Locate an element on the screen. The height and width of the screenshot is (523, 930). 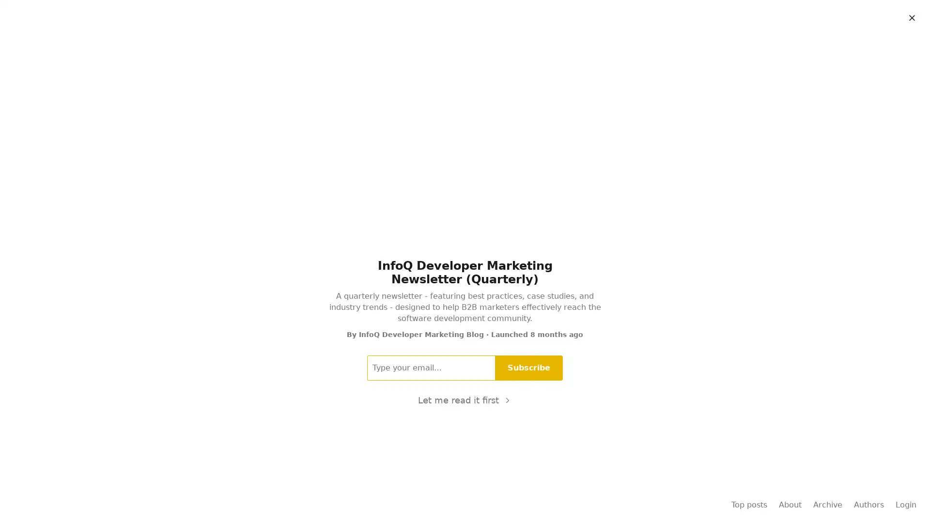
Archive is located at coordinates (572, 42).